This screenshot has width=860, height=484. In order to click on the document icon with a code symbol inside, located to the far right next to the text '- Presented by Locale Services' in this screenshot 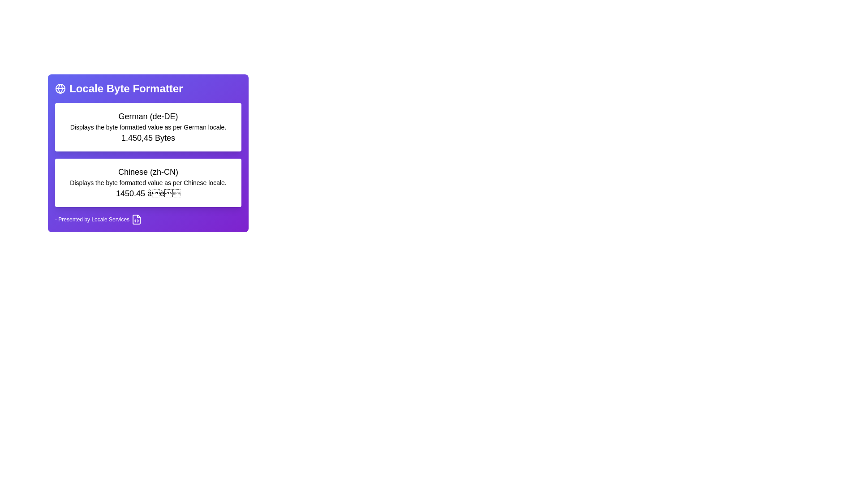, I will do `click(136, 219)`.